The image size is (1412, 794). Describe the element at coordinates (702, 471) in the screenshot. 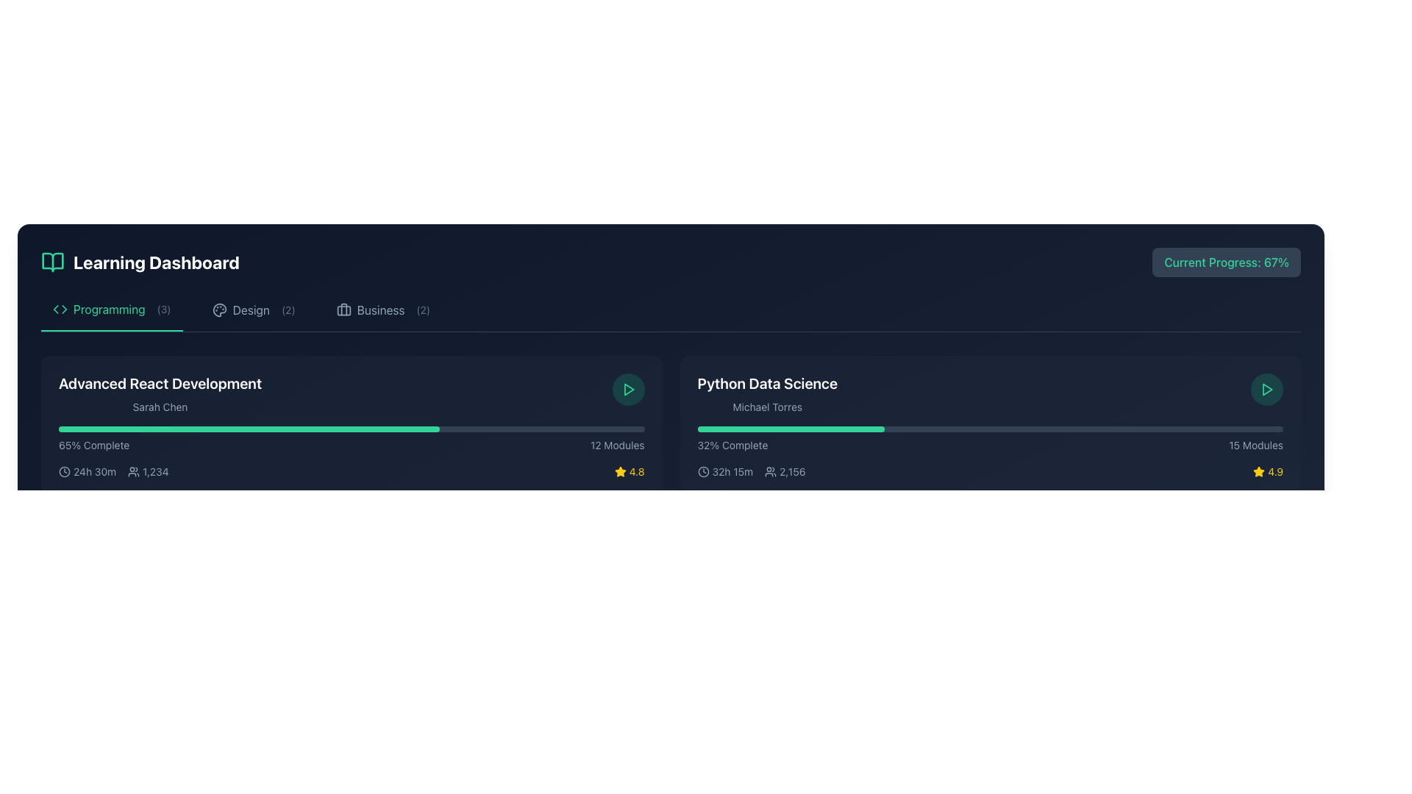

I see `the clock icon located to the left of the text '32h 15m' in the 'Python Data Science' section` at that location.